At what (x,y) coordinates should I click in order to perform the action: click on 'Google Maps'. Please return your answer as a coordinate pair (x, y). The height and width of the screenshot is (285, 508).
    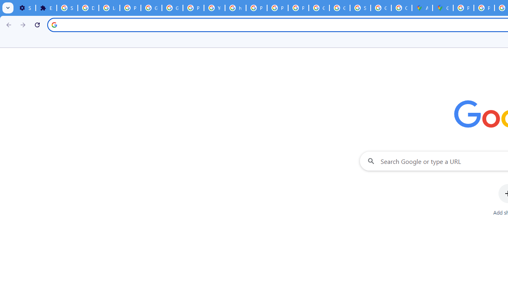
    Looking at the image, I should click on (443, 8).